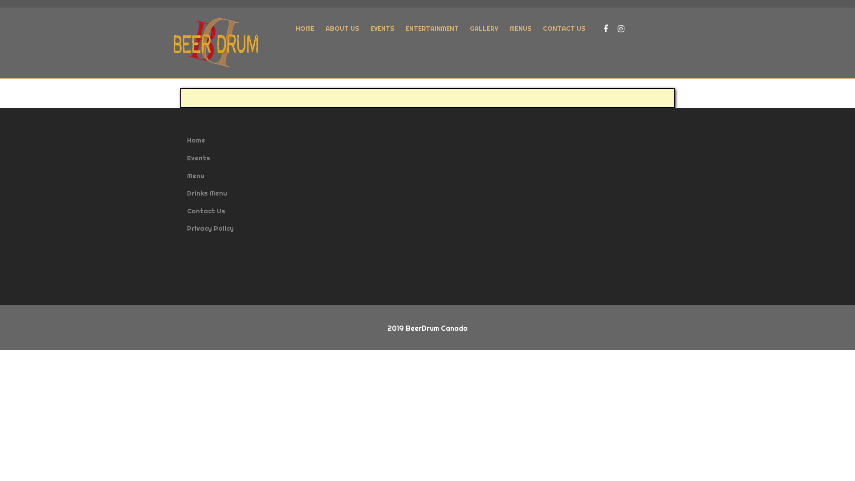 The image size is (855, 481). Describe the element at coordinates (383, 28) in the screenshot. I see `'EVENTS'` at that location.